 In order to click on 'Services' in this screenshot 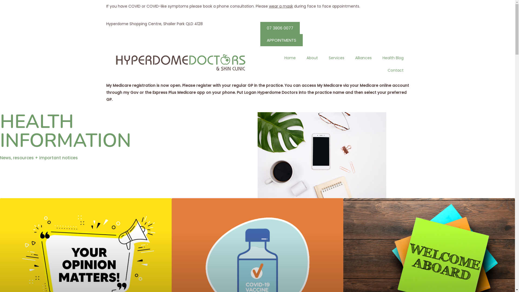, I will do `click(323, 57)`.